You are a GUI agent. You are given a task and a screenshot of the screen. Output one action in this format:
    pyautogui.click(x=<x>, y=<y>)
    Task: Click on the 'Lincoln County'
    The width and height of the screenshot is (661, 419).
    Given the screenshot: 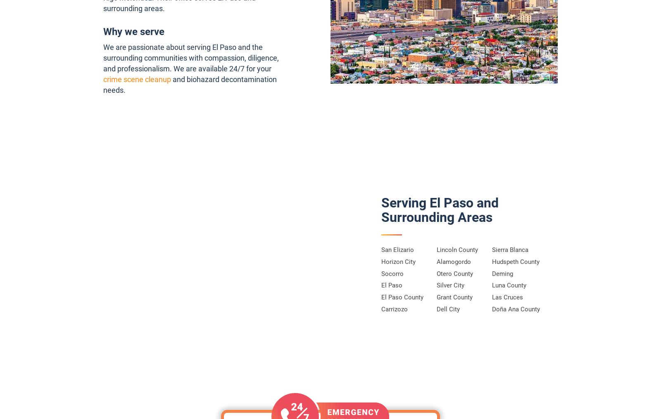 What is the action you would take?
    pyautogui.click(x=436, y=250)
    